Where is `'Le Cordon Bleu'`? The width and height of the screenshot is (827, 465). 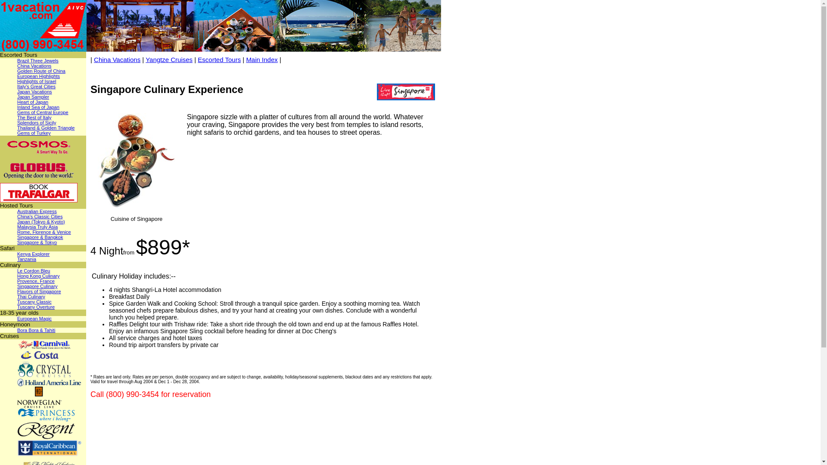
'Le Cordon Bleu' is located at coordinates (33, 270).